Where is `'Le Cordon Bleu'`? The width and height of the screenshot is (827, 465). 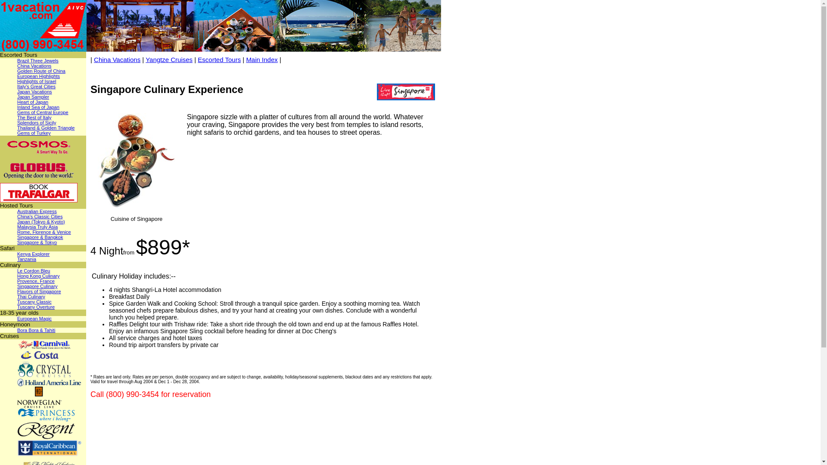
'Le Cordon Bleu' is located at coordinates (33, 270).